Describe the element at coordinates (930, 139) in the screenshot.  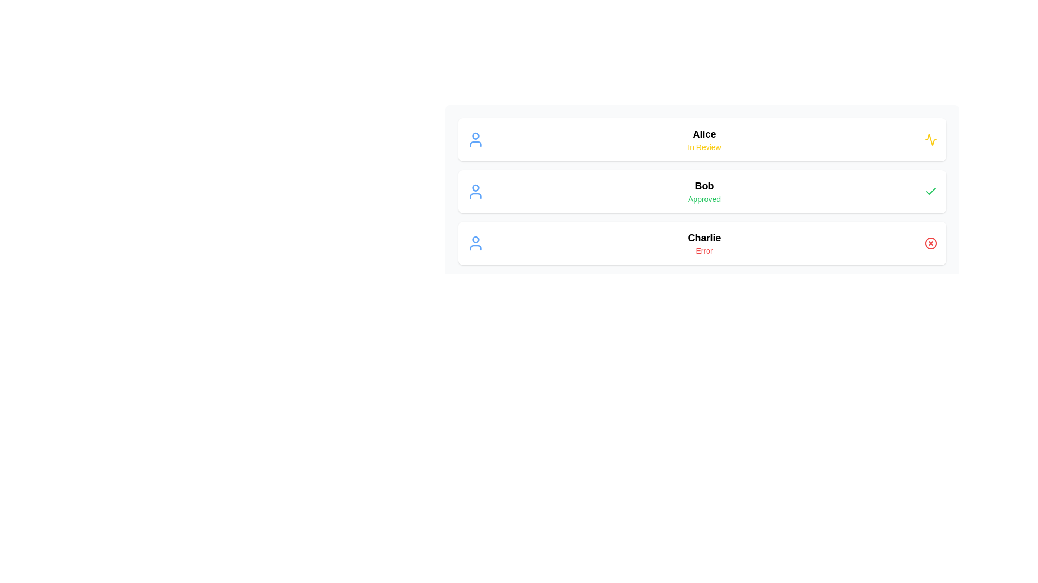
I see `the yellow waveform-like activity indicator icon located in the top-right corner of the card labeled 'Alice'` at that location.